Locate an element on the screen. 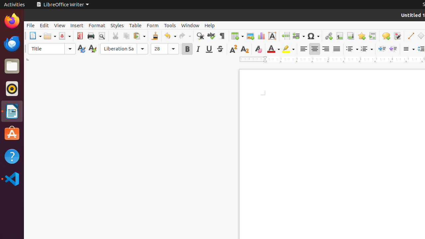 This screenshot has height=239, width=425. 'Format' is located at coordinates (96, 25).